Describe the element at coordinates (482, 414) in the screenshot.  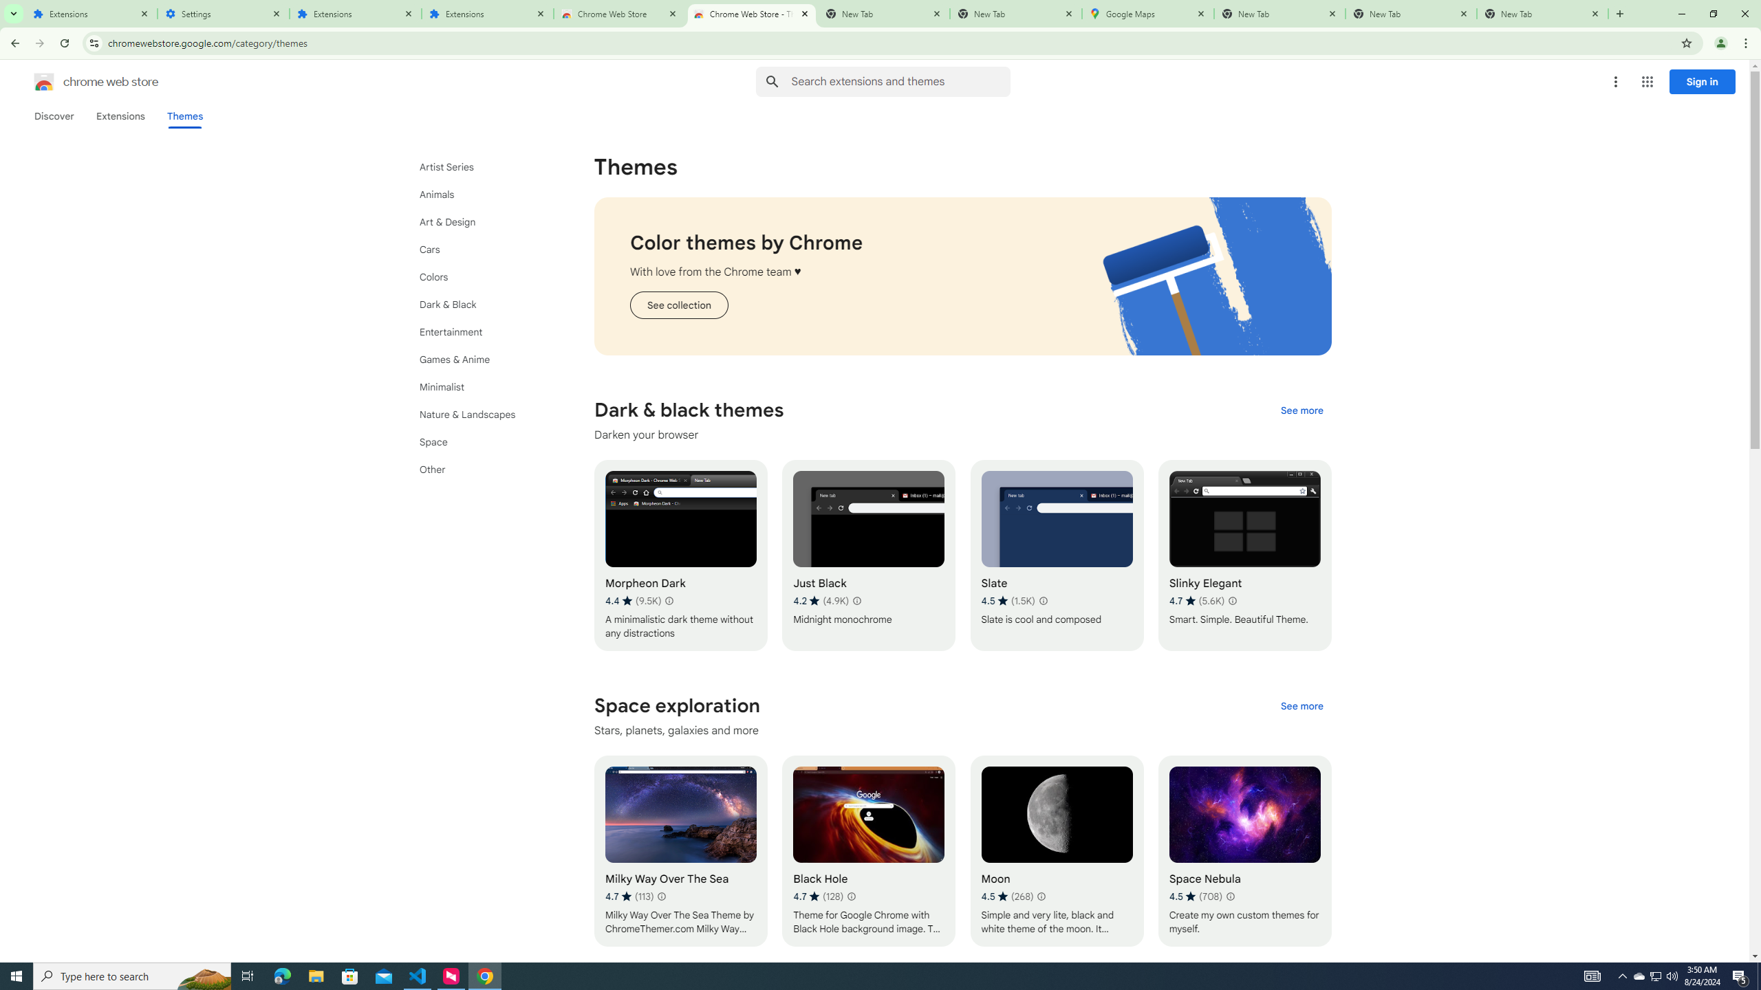
I see `'Nature & Landscapes'` at that location.